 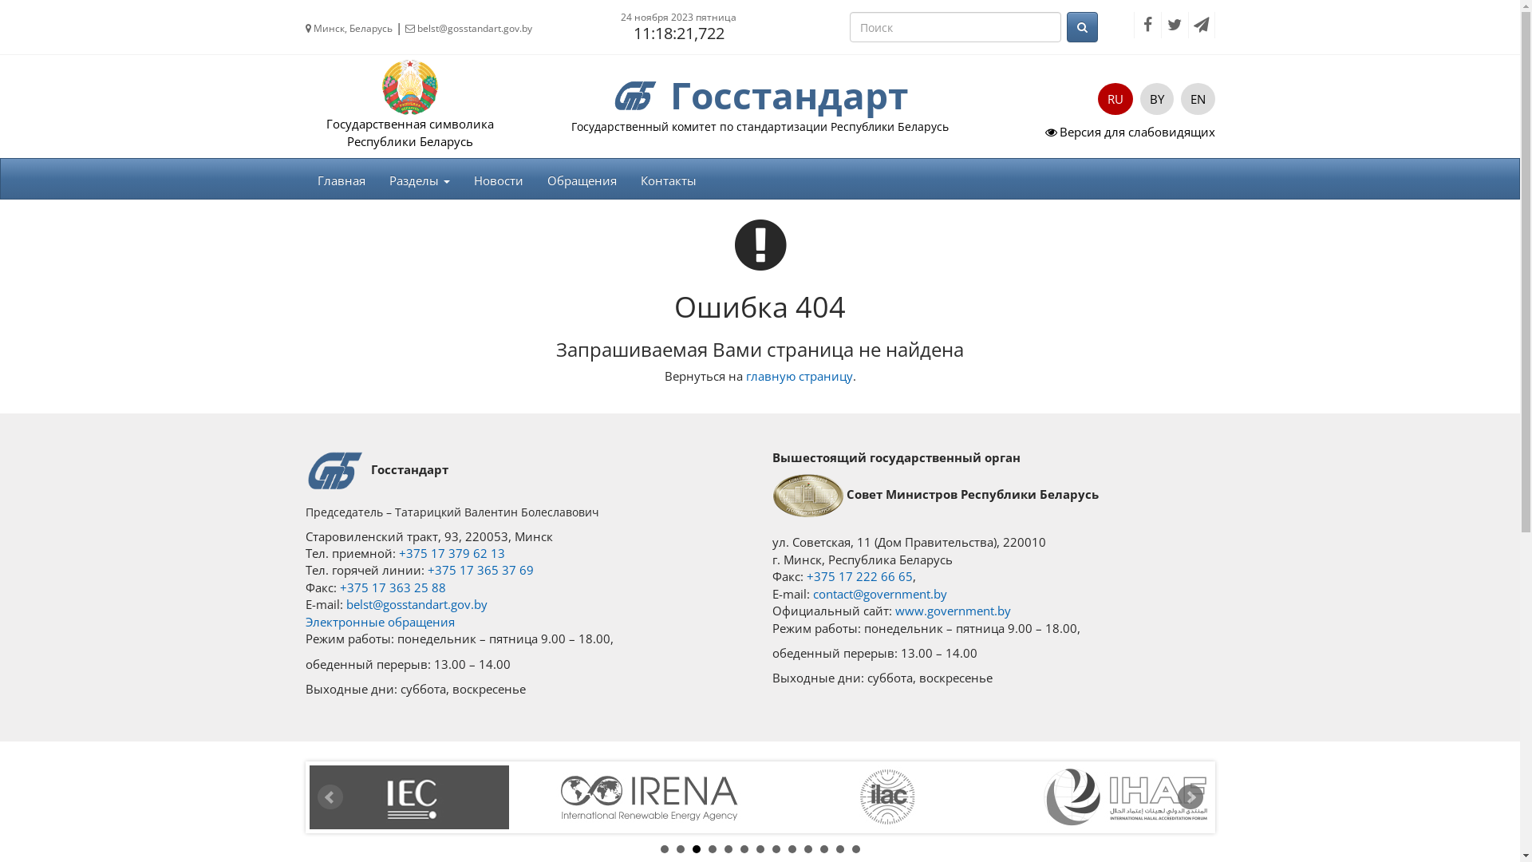 What do you see at coordinates (776, 848) in the screenshot?
I see `'8'` at bounding box center [776, 848].